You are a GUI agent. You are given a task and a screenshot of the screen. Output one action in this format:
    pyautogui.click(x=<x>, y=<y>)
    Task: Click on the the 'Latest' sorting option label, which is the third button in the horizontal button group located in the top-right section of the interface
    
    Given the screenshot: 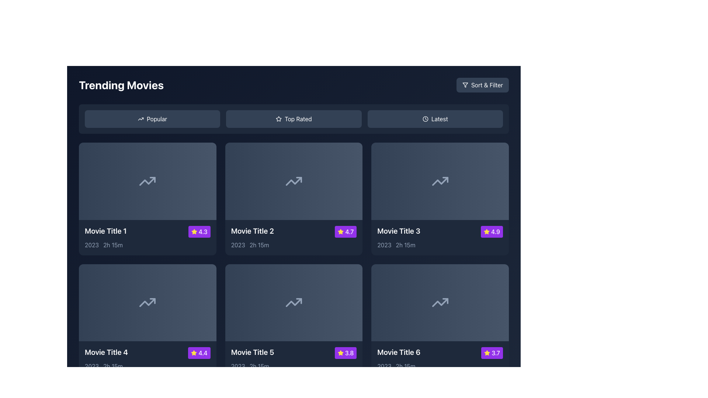 What is the action you would take?
    pyautogui.click(x=440, y=119)
    